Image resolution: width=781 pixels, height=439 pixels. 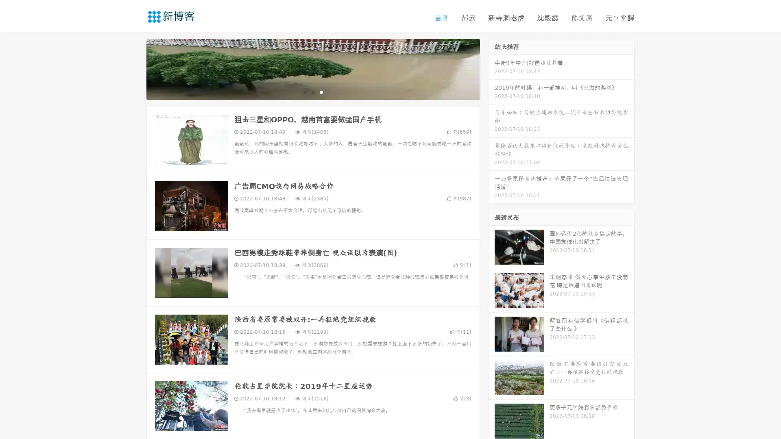 I want to click on Previous slide, so click(x=134, y=68).